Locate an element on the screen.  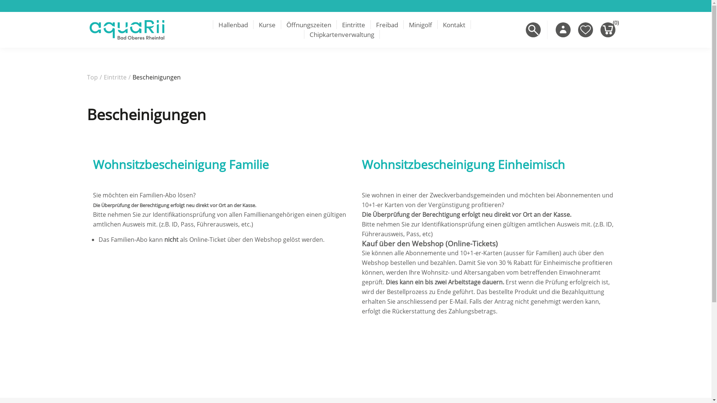
'Minigolf' is located at coordinates (420, 24).